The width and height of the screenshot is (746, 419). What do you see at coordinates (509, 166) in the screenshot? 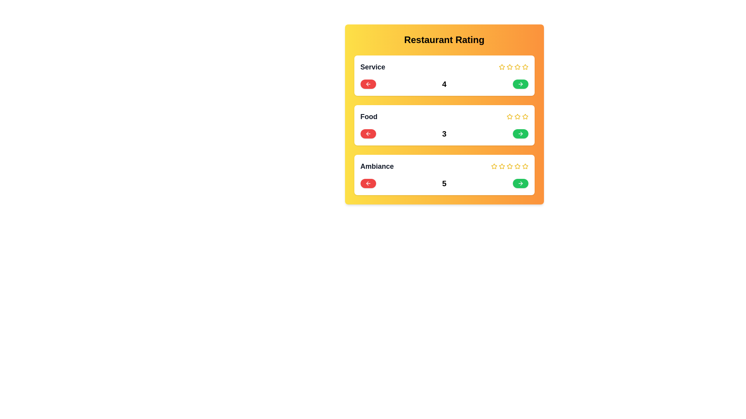
I see `the second star in the third rating row labeled 'Ambiance'` at bounding box center [509, 166].